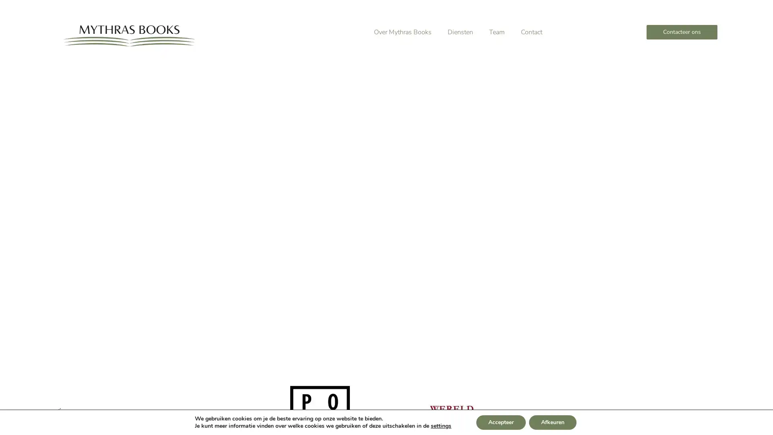 Image resolution: width=773 pixels, height=435 pixels. Describe the element at coordinates (552, 422) in the screenshot. I see `Afkeuren` at that location.